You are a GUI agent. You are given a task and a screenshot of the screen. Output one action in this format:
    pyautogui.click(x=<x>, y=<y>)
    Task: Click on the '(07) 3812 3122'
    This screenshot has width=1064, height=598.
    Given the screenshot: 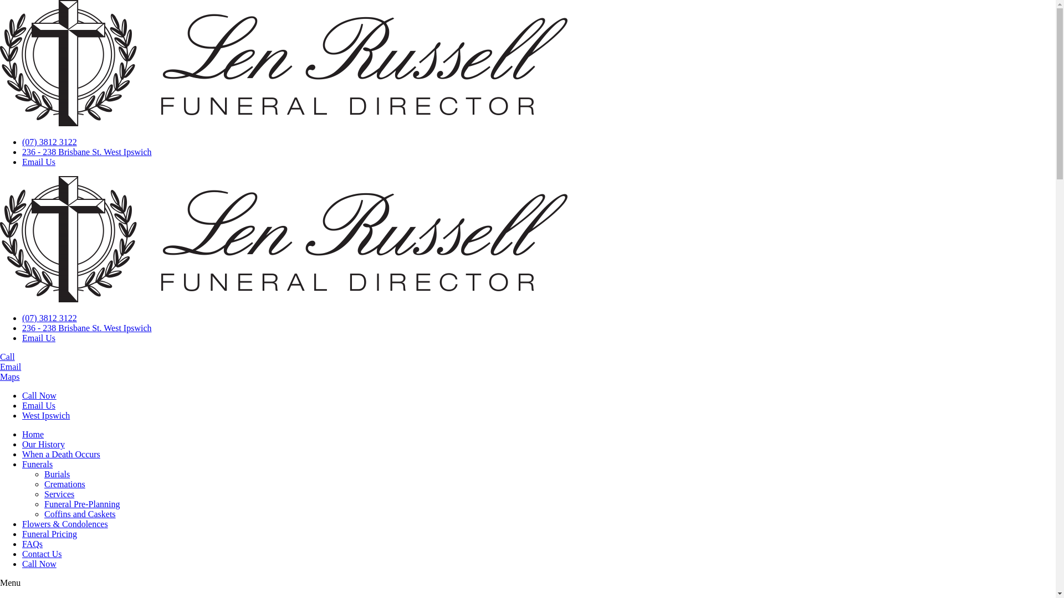 What is the action you would take?
    pyautogui.click(x=49, y=141)
    